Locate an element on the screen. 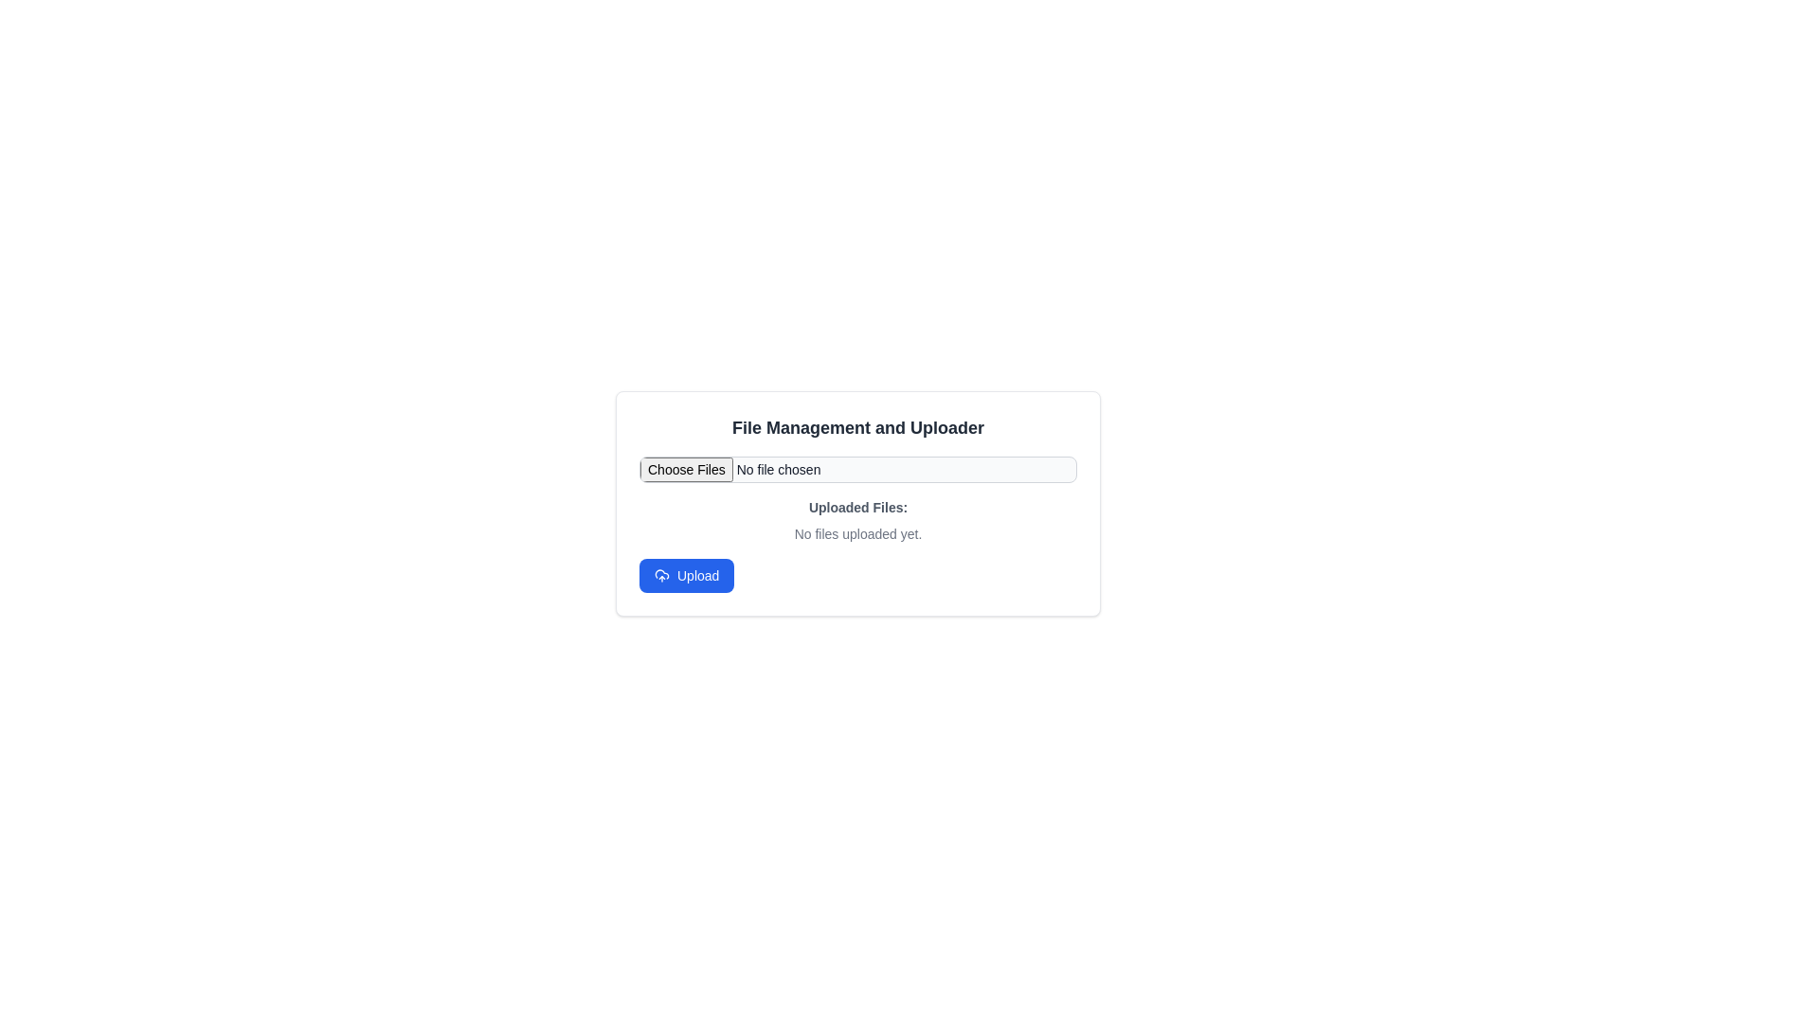  the 'Upload' button with a blue background and white text is located at coordinates (686, 575).